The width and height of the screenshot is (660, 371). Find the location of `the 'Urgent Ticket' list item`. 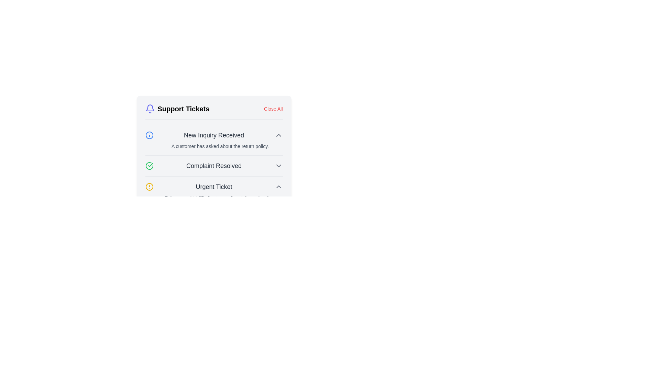

the 'Urgent Ticket' list item is located at coordinates (213, 191).